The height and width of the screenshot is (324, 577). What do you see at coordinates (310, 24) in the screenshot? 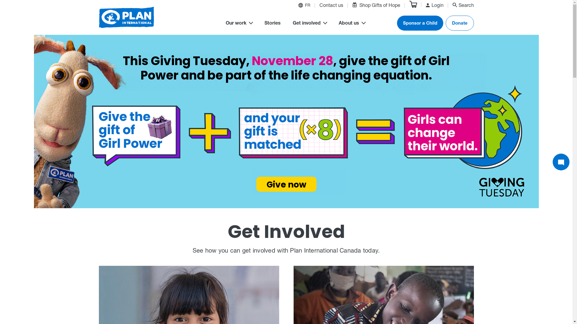
I see `'Get involved'` at bounding box center [310, 24].